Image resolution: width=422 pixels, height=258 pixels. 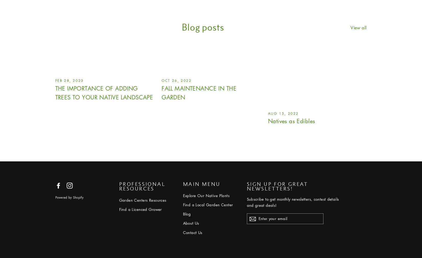 What do you see at coordinates (206, 195) in the screenshot?
I see `'Explore Our Native Plants'` at bounding box center [206, 195].